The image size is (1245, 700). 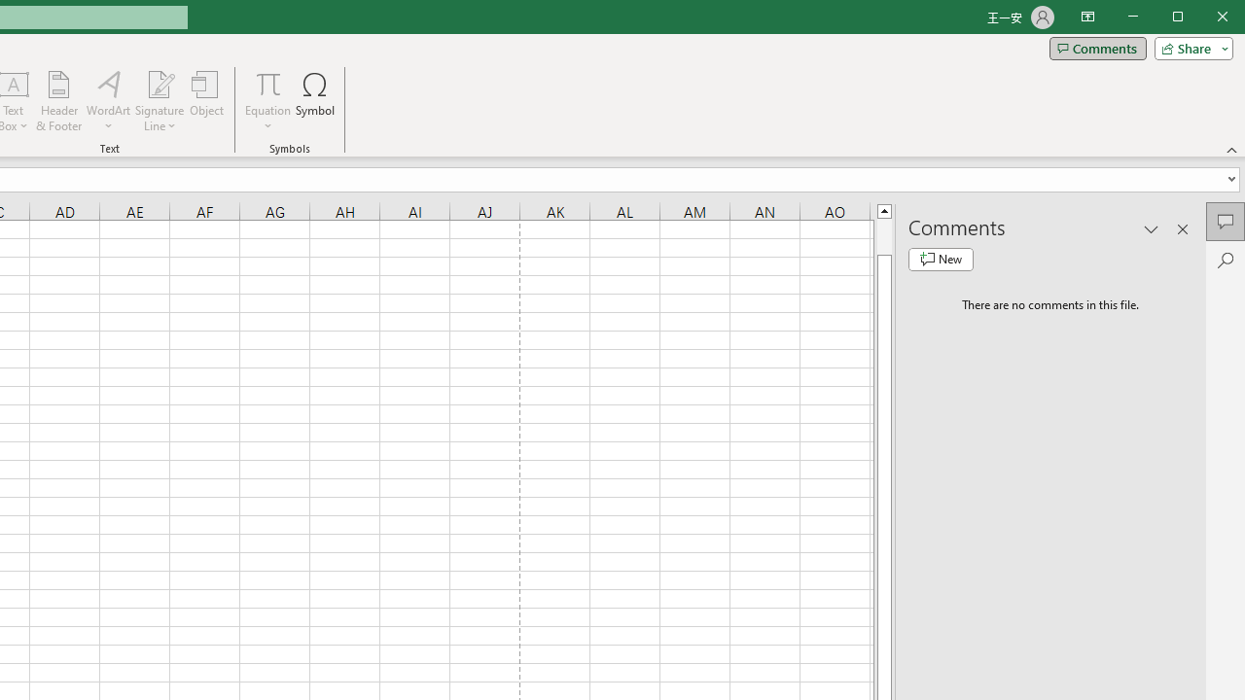 I want to click on 'Header & Footer...', so click(x=58, y=101).